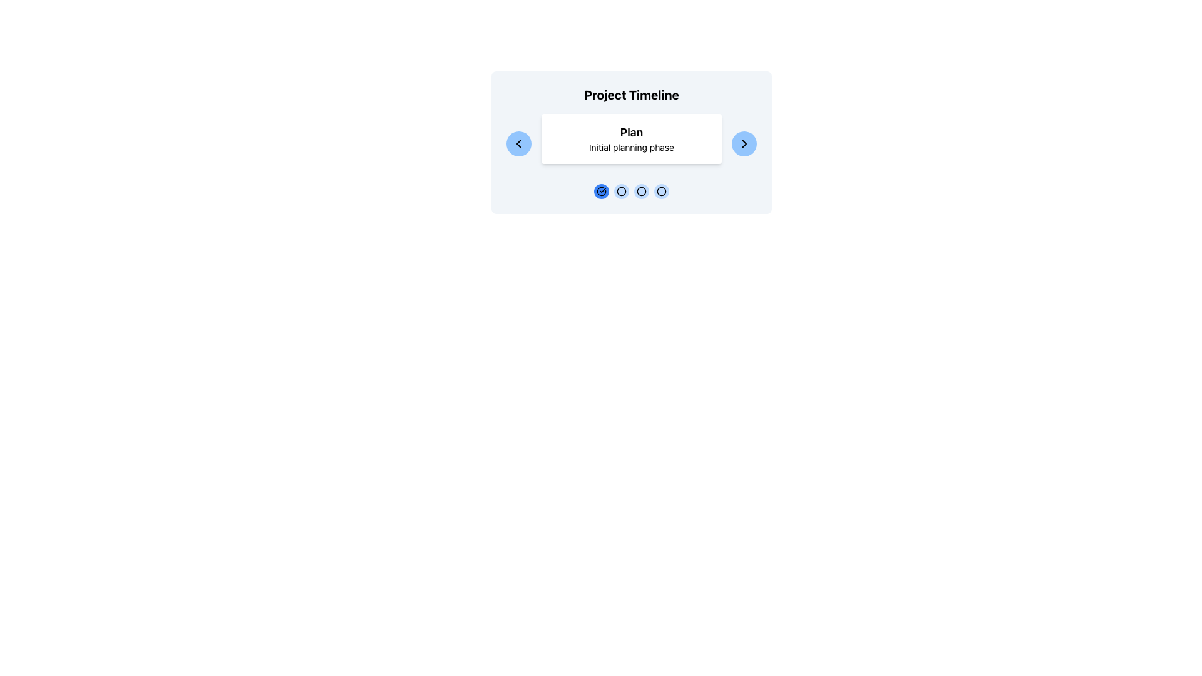 The width and height of the screenshot is (1202, 676). Describe the element at coordinates (660, 191) in the screenshot. I see `the last navigation dot button located below the 'Plan' label in the 'Project Timeline' card` at that location.